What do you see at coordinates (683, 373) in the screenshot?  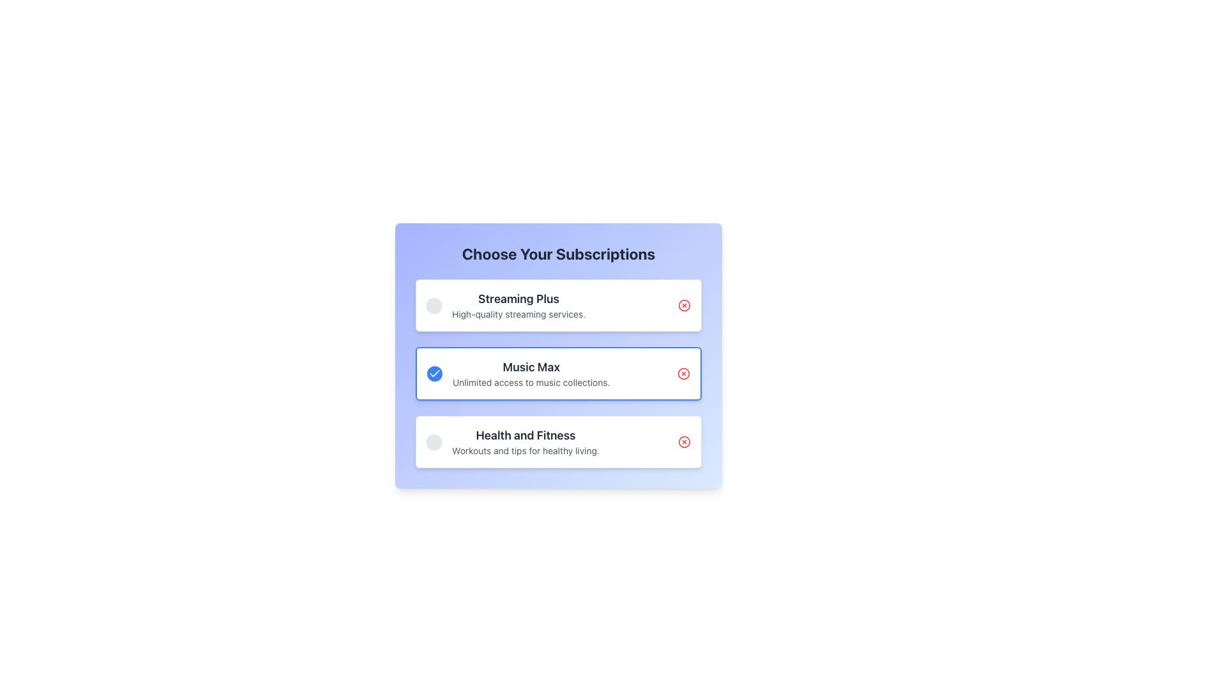 I see `the button at the rightmost end of the 'Music Max' subscription card, which is used to remove or dismiss the subscription option` at bounding box center [683, 373].